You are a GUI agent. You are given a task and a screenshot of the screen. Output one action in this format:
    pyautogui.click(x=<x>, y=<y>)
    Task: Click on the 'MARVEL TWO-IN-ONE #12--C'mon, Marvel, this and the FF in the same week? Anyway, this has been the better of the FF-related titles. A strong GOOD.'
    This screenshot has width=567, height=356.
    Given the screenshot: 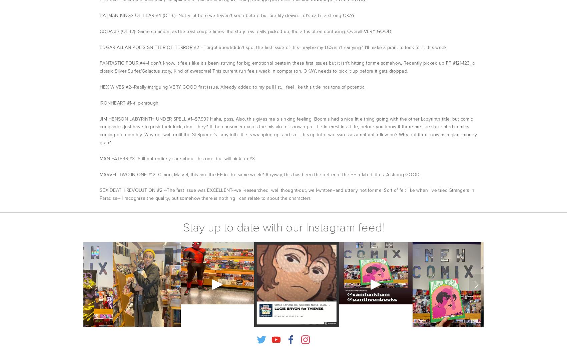 What is the action you would take?
    pyautogui.click(x=259, y=174)
    